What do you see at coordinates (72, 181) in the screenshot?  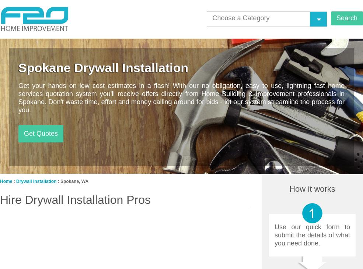 I see `':         
        Spokane, WA'` at bounding box center [72, 181].